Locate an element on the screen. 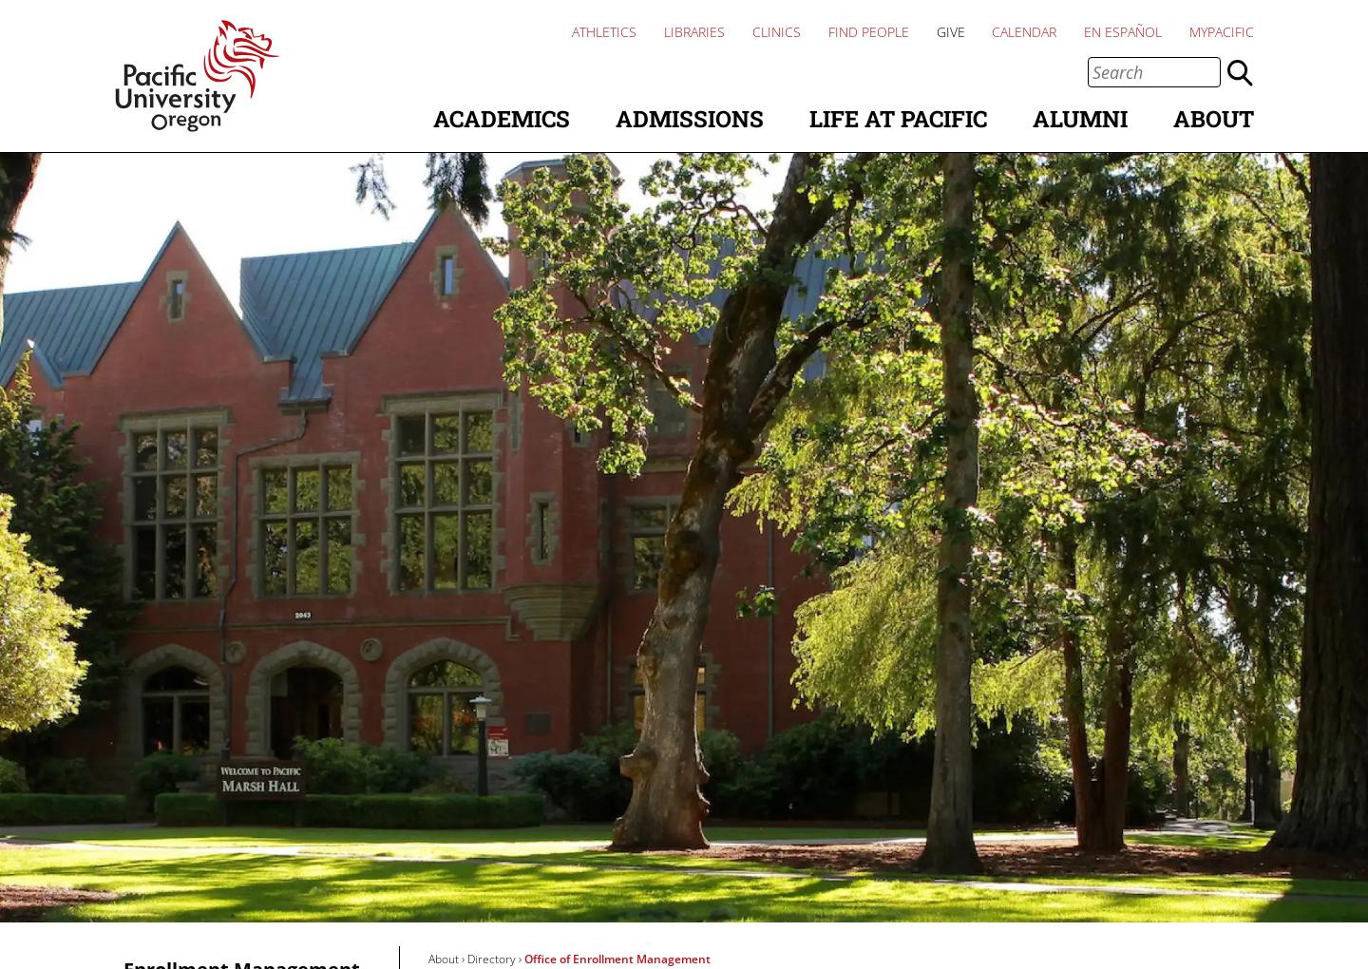  'Find People' is located at coordinates (867, 30).